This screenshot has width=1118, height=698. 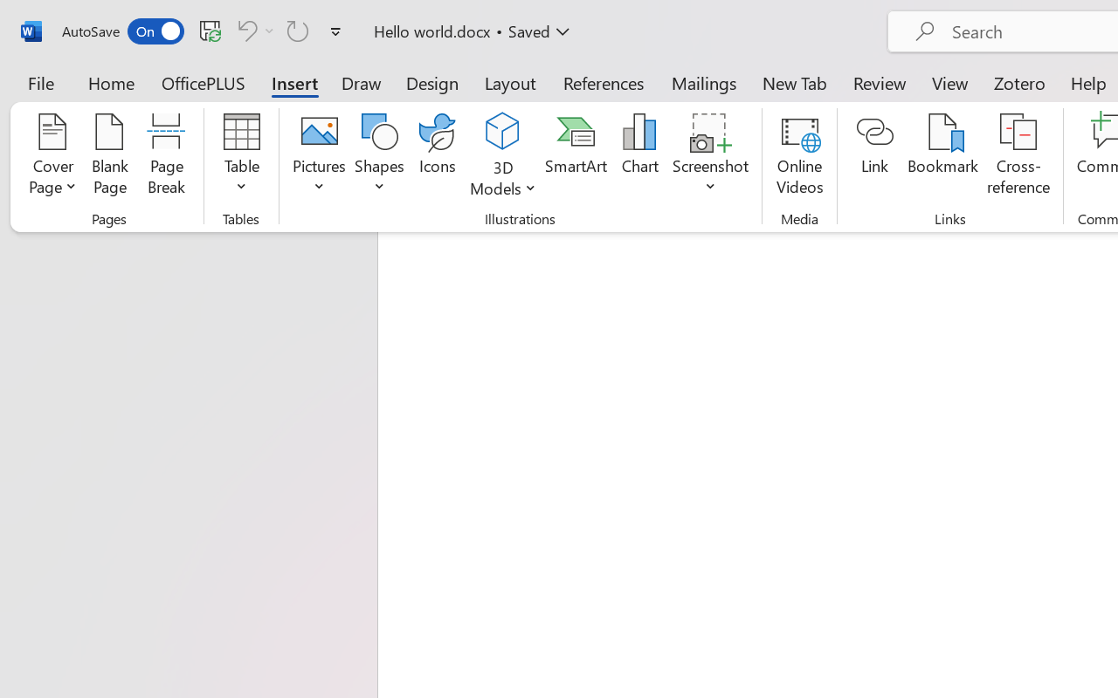 I want to click on 'Can', so click(x=252, y=30).